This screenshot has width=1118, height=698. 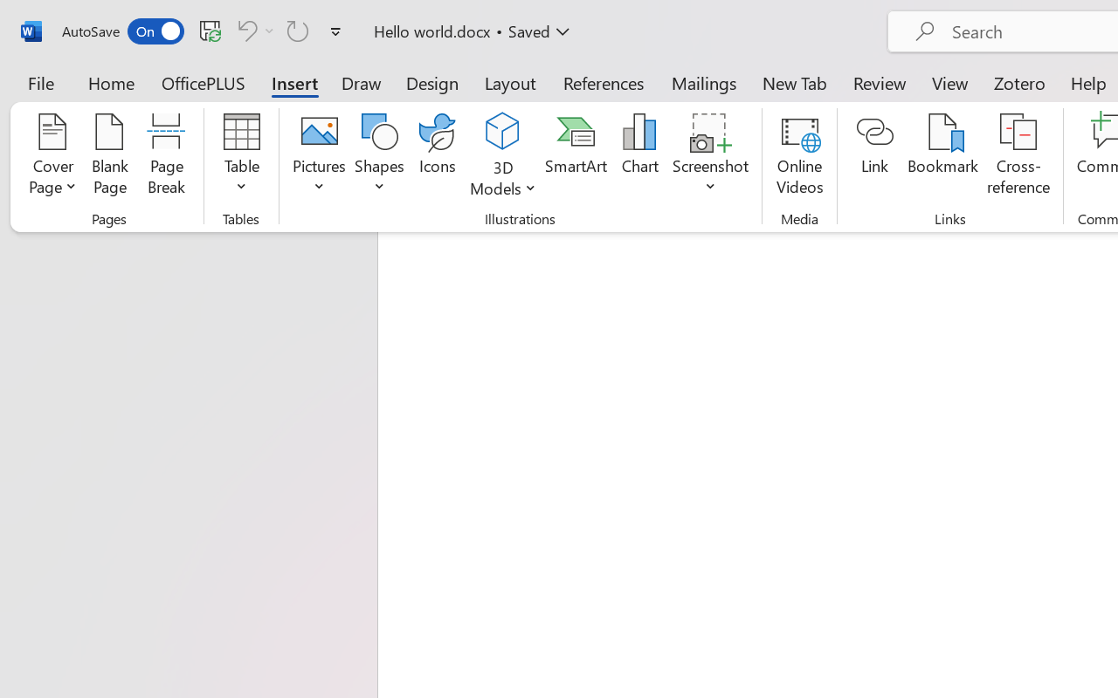 I want to click on 'Can', so click(x=252, y=30).